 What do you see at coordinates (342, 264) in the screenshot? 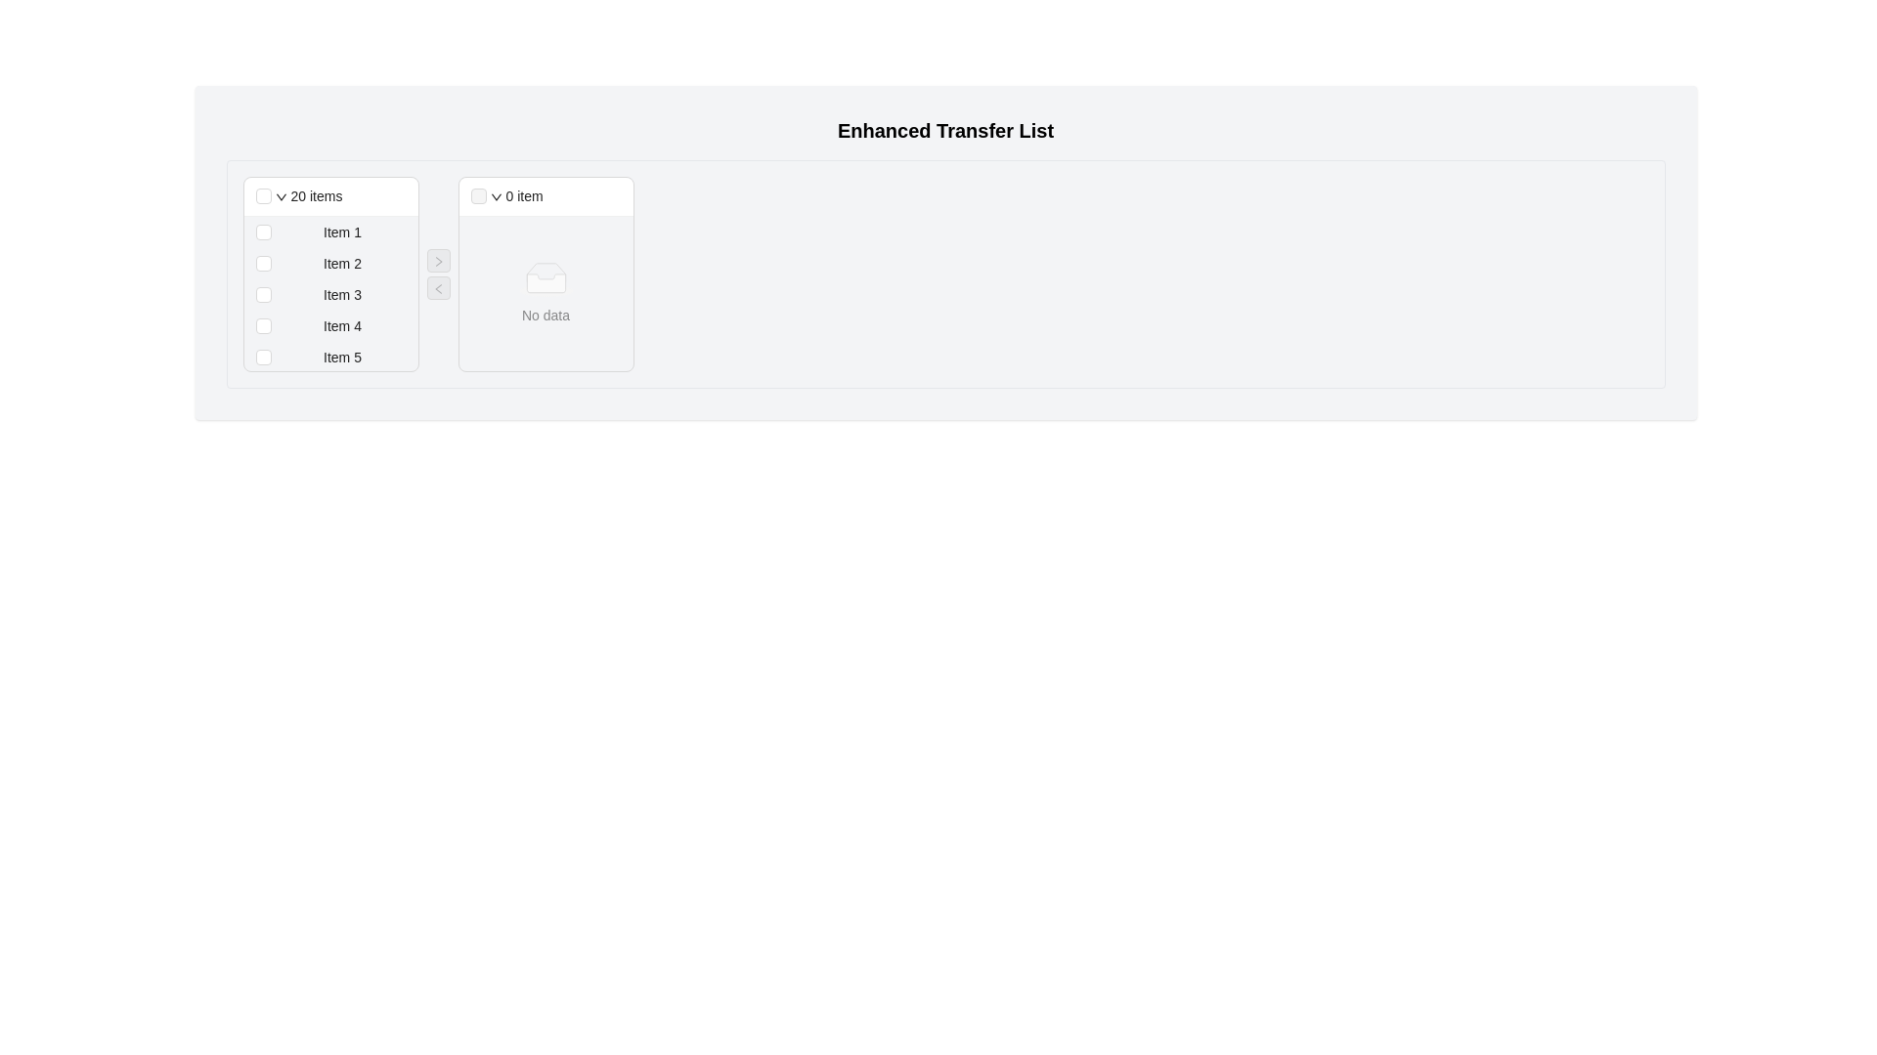
I see `the text label that reads 'Item 2' in the left pane of the transfer list, which is the second item in the list` at bounding box center [342, 264].